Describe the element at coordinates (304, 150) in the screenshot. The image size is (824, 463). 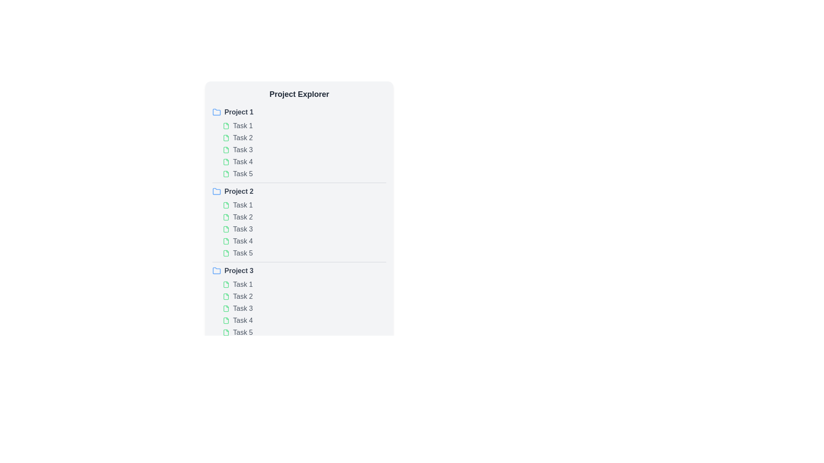
I see `the 'Task 3' item in the vertically aligned list of tasks labeled 'Task 1' through 'Task 5' located in the 'Project 1' section of the 'Project Explorer'` at that location.